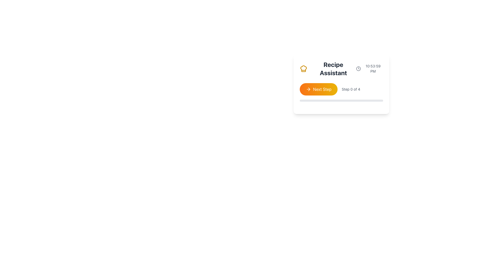 The height and width of the screenshot is (278, 494). I want to click on the text of the header representing the recipe assistant tool, as it is interactive, so click(328, 68).